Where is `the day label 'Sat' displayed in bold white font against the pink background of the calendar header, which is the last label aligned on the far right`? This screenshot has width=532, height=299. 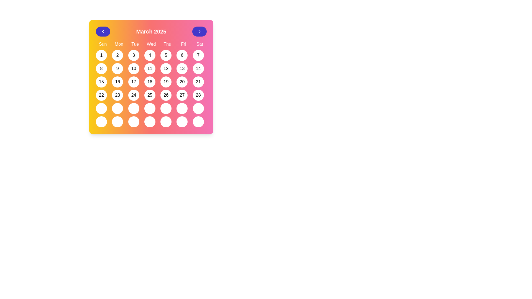 the day label 'Sat' displayed in bold white font against the pink background of the calendar header, which is the last label aligned on the far right is located at coordinates (199, 44).